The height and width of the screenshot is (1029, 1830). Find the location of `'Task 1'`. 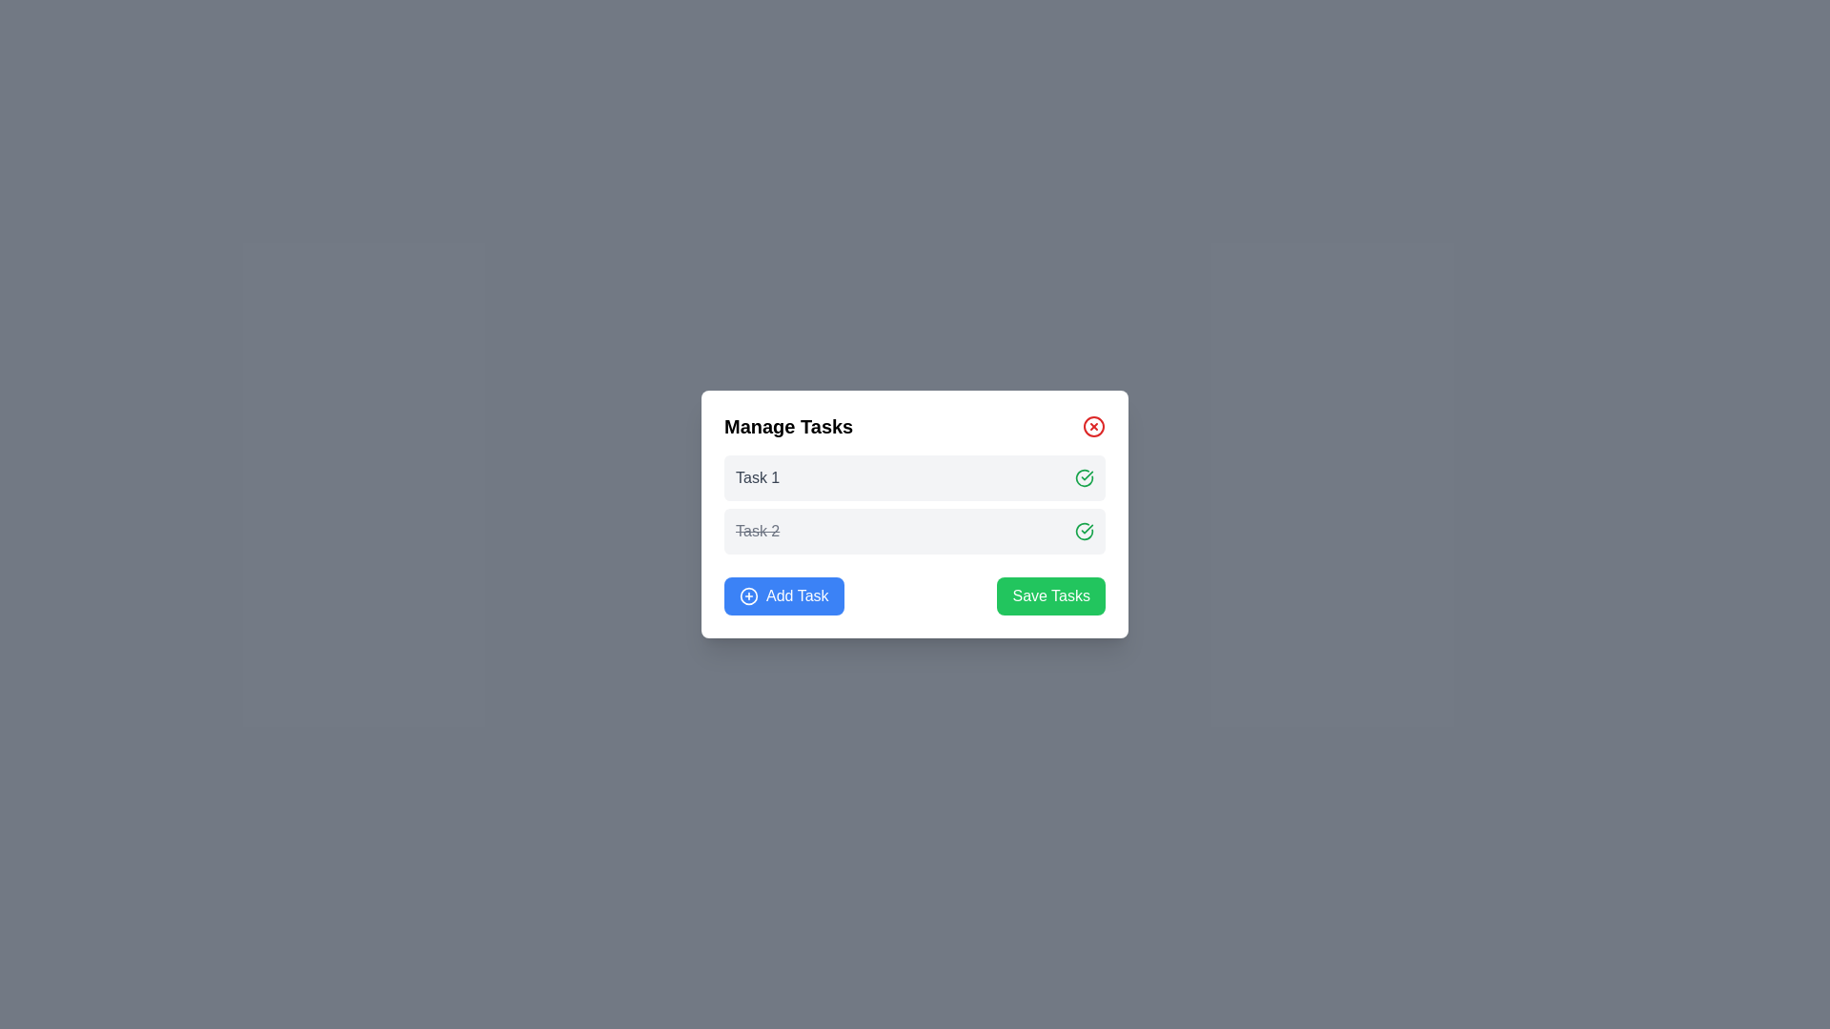

'Task 1' is located at coordinates (915, 503).